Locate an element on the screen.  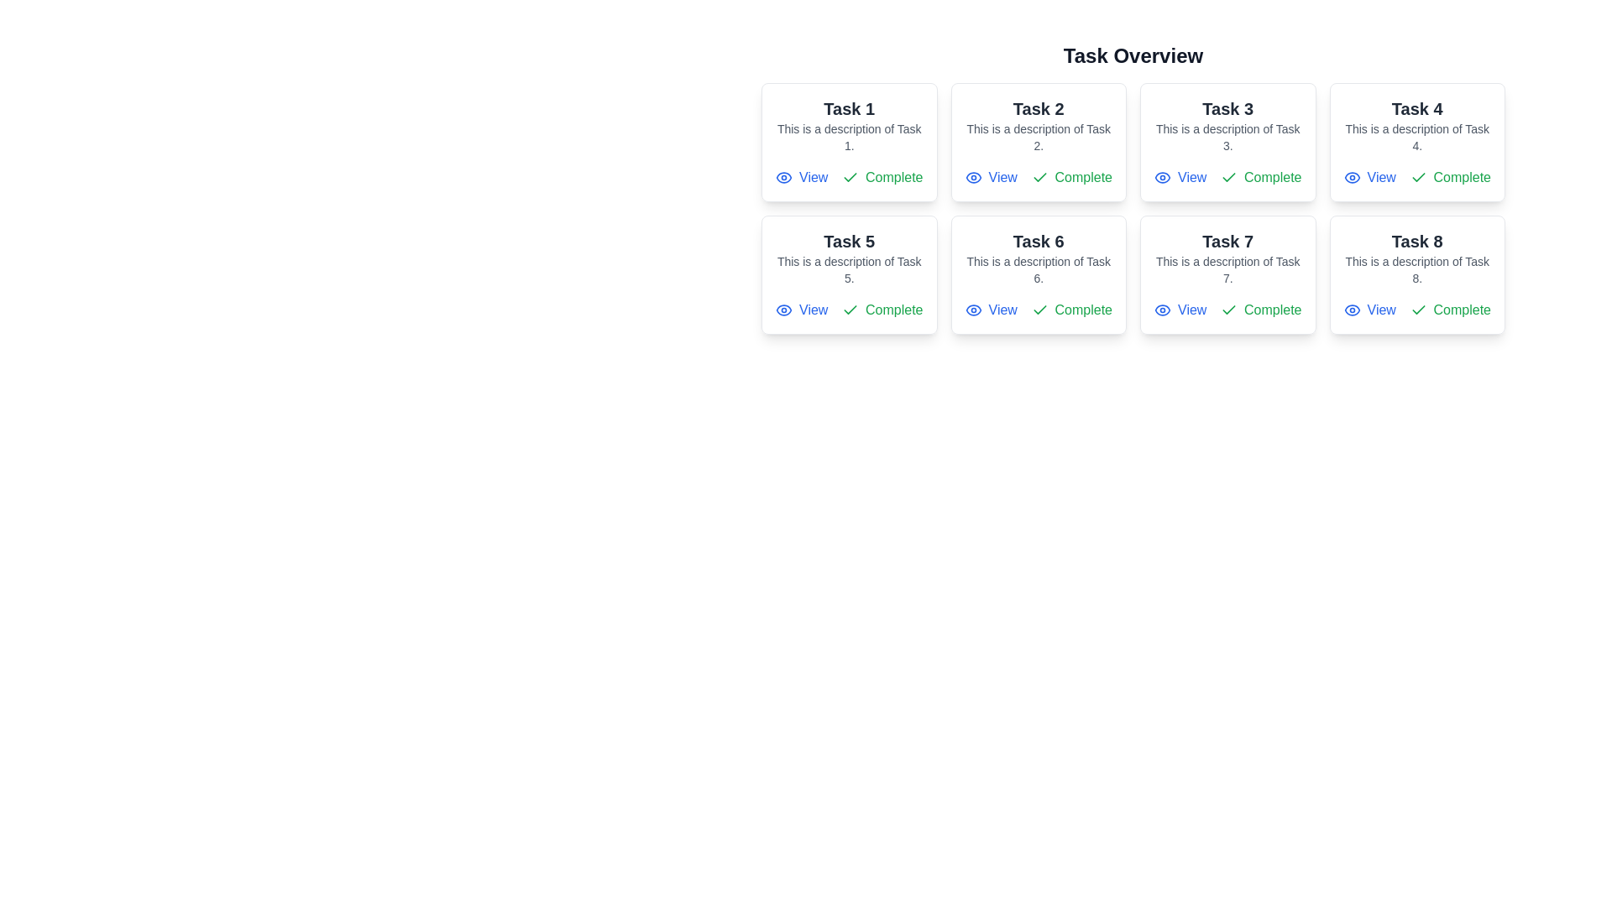
the eye icon in the 'Task 5' card, which is part of the 'View' button located below the description text is located at coordinates (783, 310).